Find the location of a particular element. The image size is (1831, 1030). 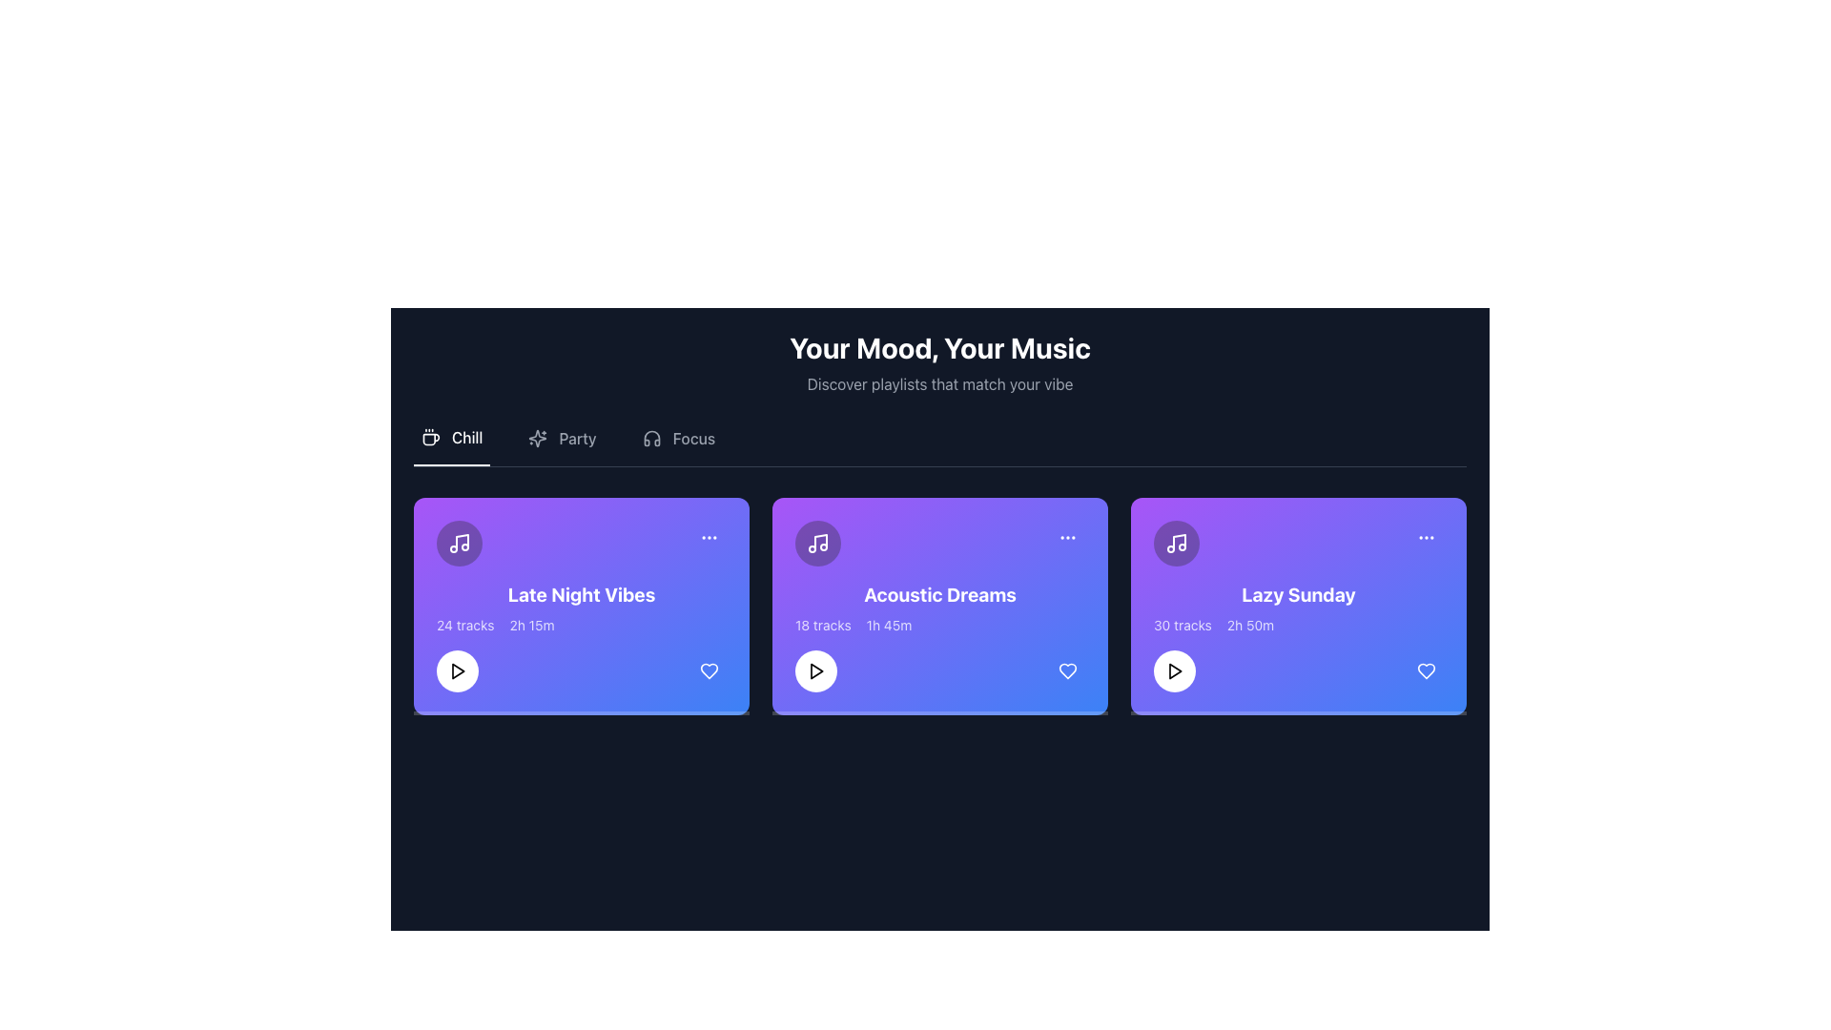

the heart button located at the bottom-right corner of the third card titled 'Lazy Sunday' is located at coordinates (1427, 670).